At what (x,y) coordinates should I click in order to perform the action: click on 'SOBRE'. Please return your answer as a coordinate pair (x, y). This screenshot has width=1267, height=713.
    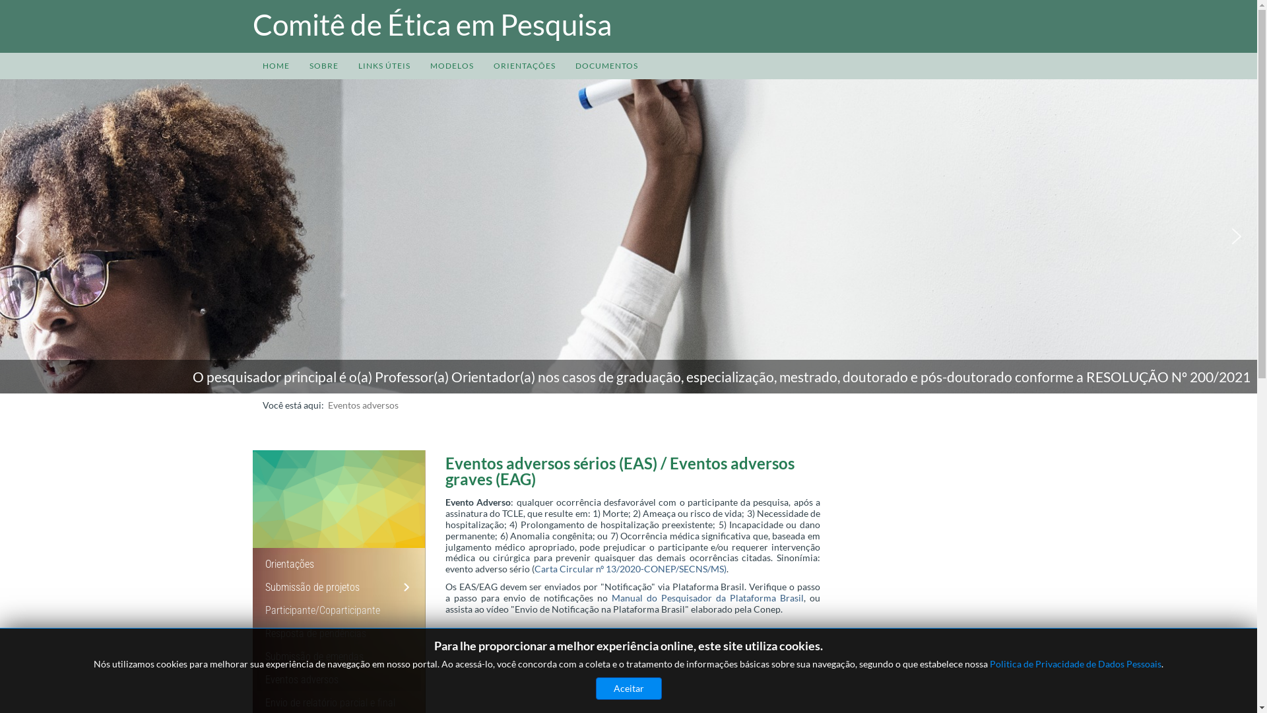
    Looking at the image, I should click on (299, 66).